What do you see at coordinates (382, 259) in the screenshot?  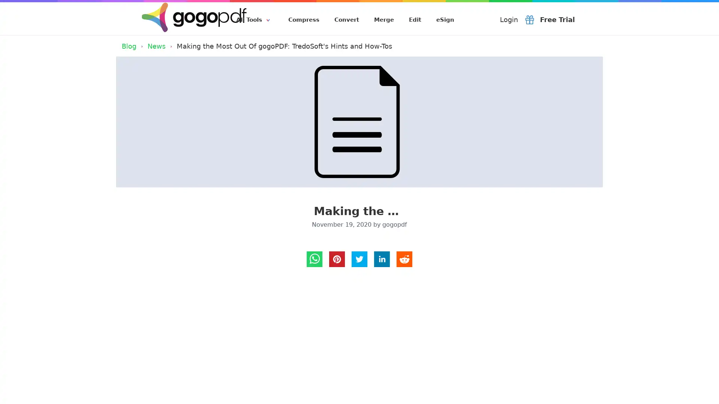 I see `LinkedIn` at bounding box center [382, 259].